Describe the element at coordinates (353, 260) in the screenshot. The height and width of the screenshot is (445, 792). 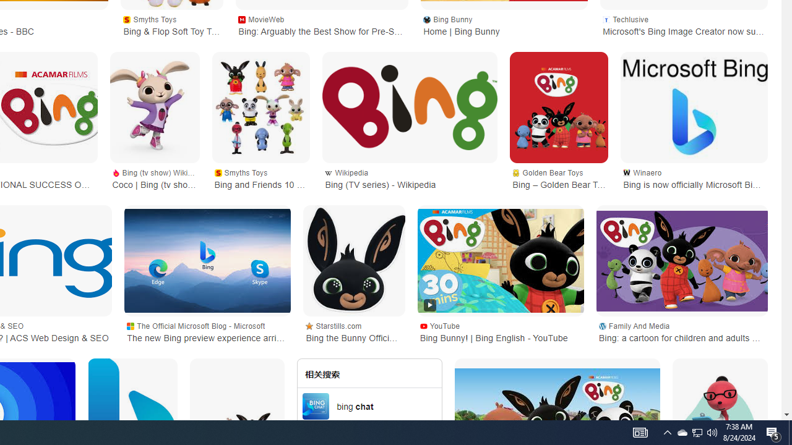
I see `'Bing the Bunny Official 2D Card Party Mask'` at that location.